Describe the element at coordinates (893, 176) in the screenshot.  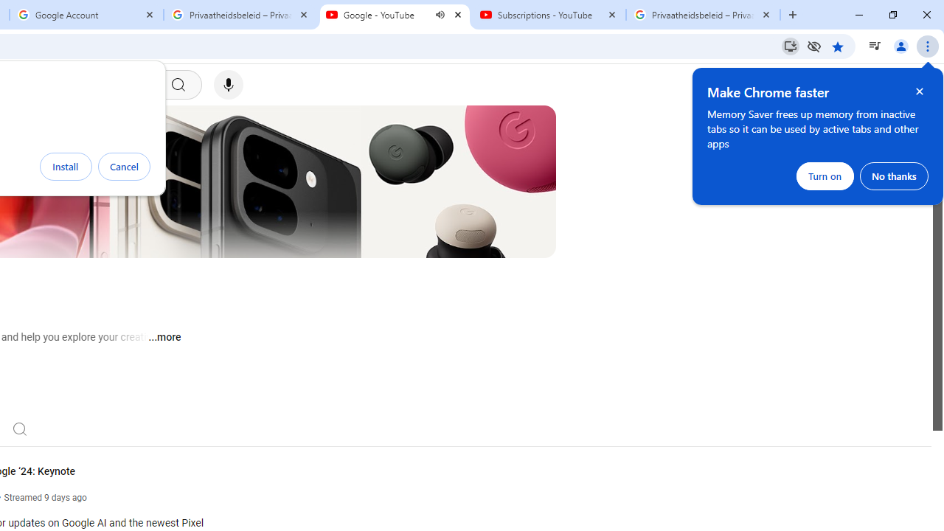
I see `'No thanks'` at that location.